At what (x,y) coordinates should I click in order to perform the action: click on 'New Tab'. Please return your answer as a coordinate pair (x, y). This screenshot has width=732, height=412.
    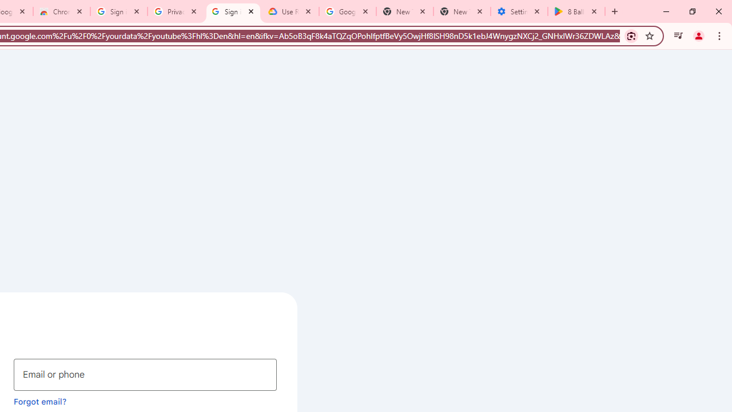
    Looking at the image, I should click on (462, 11).